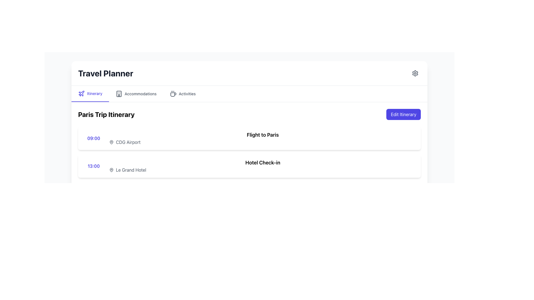  What do you see at coordinates (249, 138) in the screenshot?
I see `the first list item in the 'Paris Trip Itinerary' section that details a scheduled flight to Paris, which includes the departure time '09:00'` at bounding box center [249, 138].